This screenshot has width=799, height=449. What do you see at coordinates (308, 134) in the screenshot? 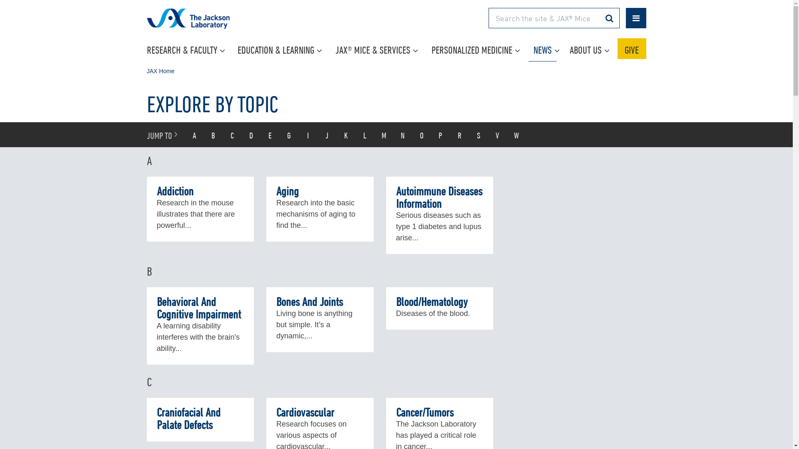
I see `'I'` at bounding box center [308, 134].